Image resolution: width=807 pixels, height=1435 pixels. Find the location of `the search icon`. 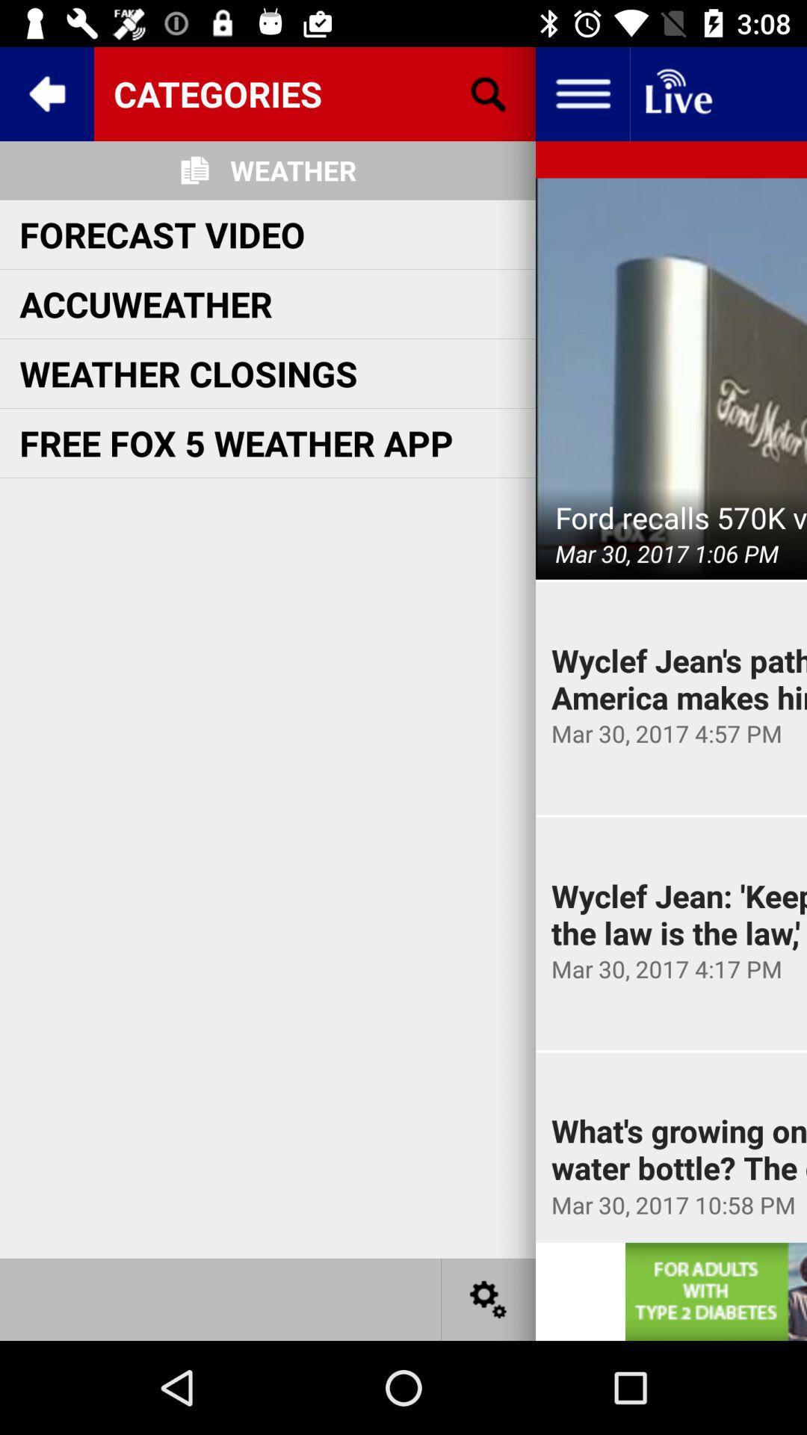

the search icon is located at coordinates (489, 93).